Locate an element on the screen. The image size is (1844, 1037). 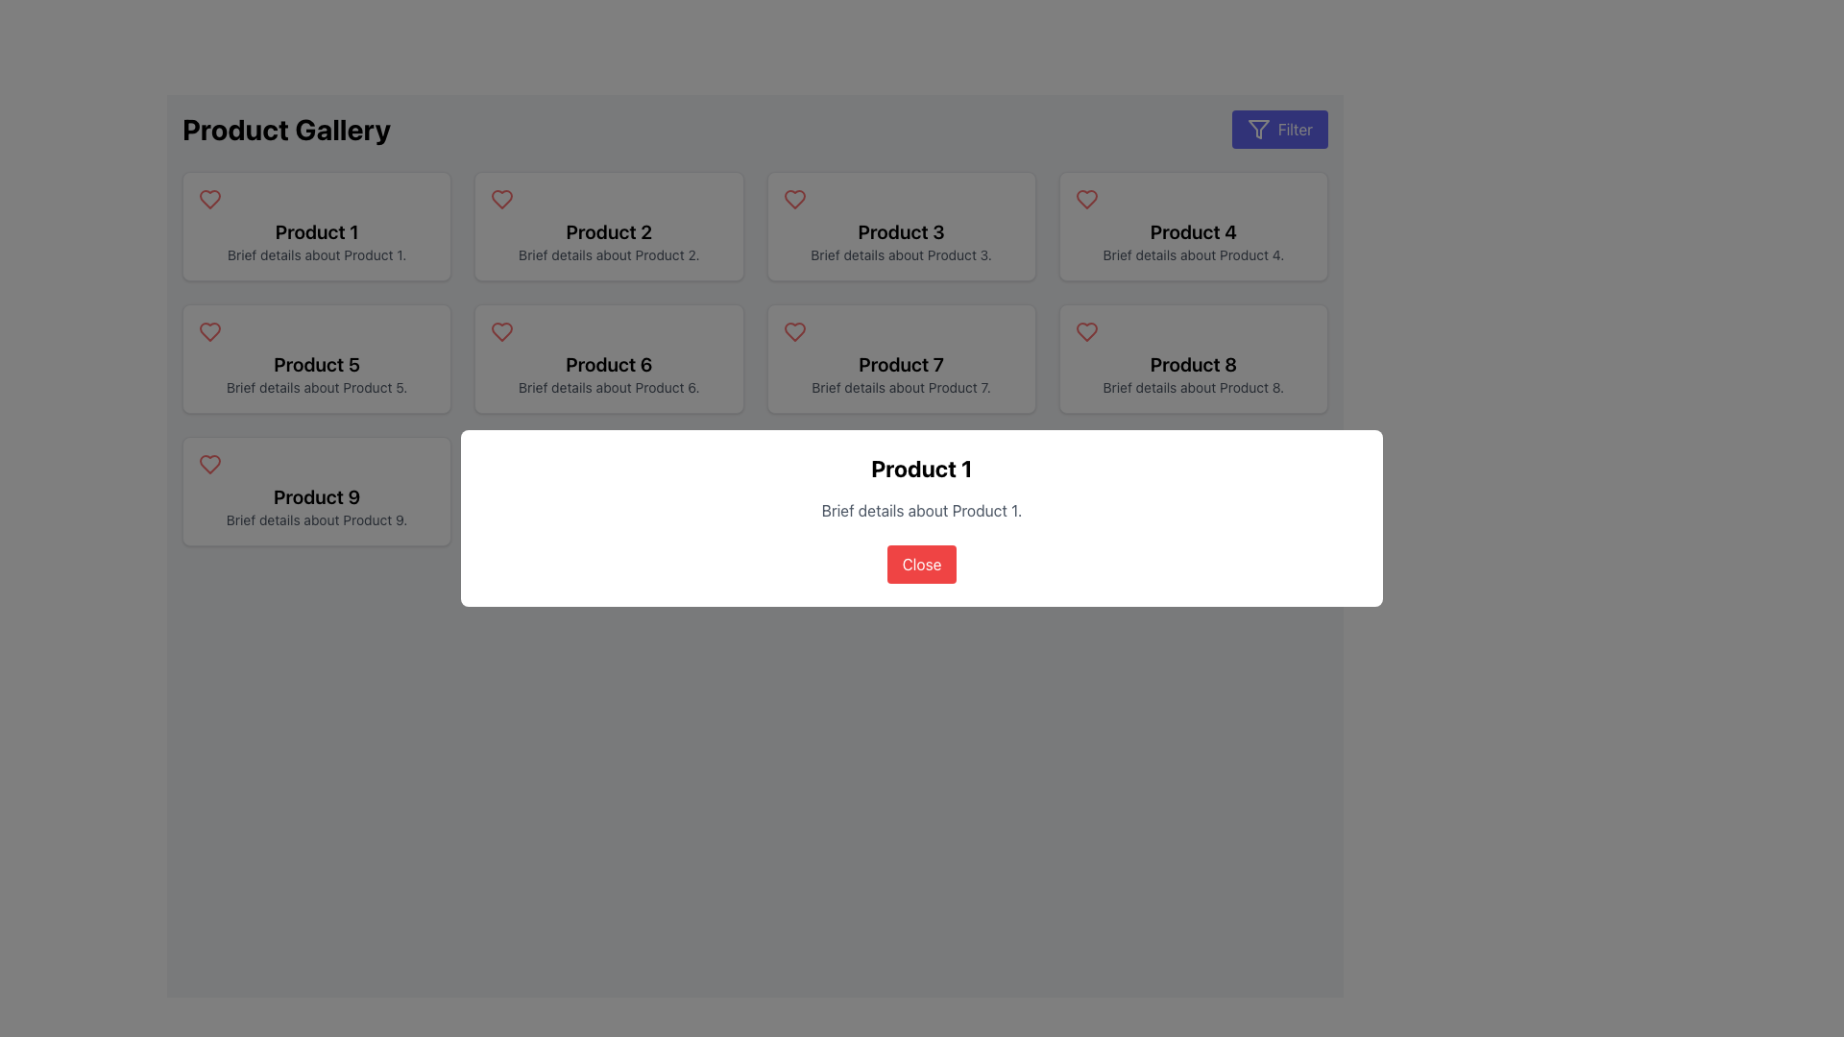
the heart icon located at the top-left corner of the card labeled 'Product 8' to mark the product as favorite is located at coordinates (1086, 331).